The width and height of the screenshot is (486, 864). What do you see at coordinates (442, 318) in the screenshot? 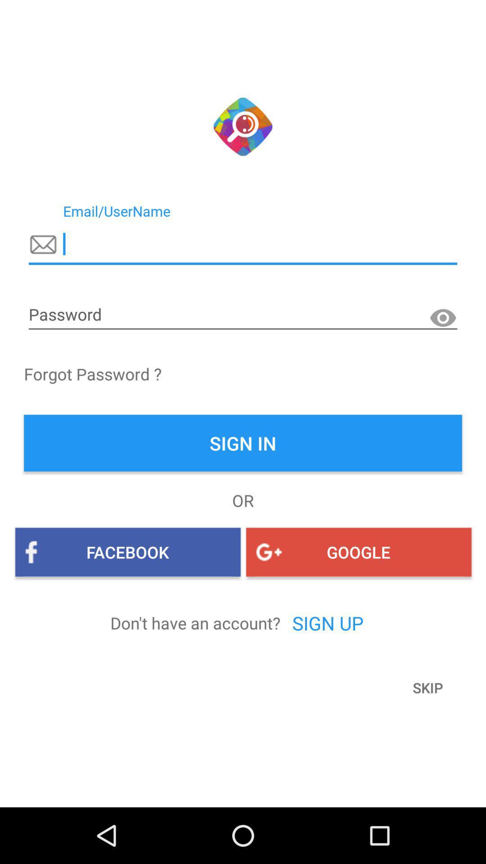
I see `the visibility icon` at bounding box center [442, 318].